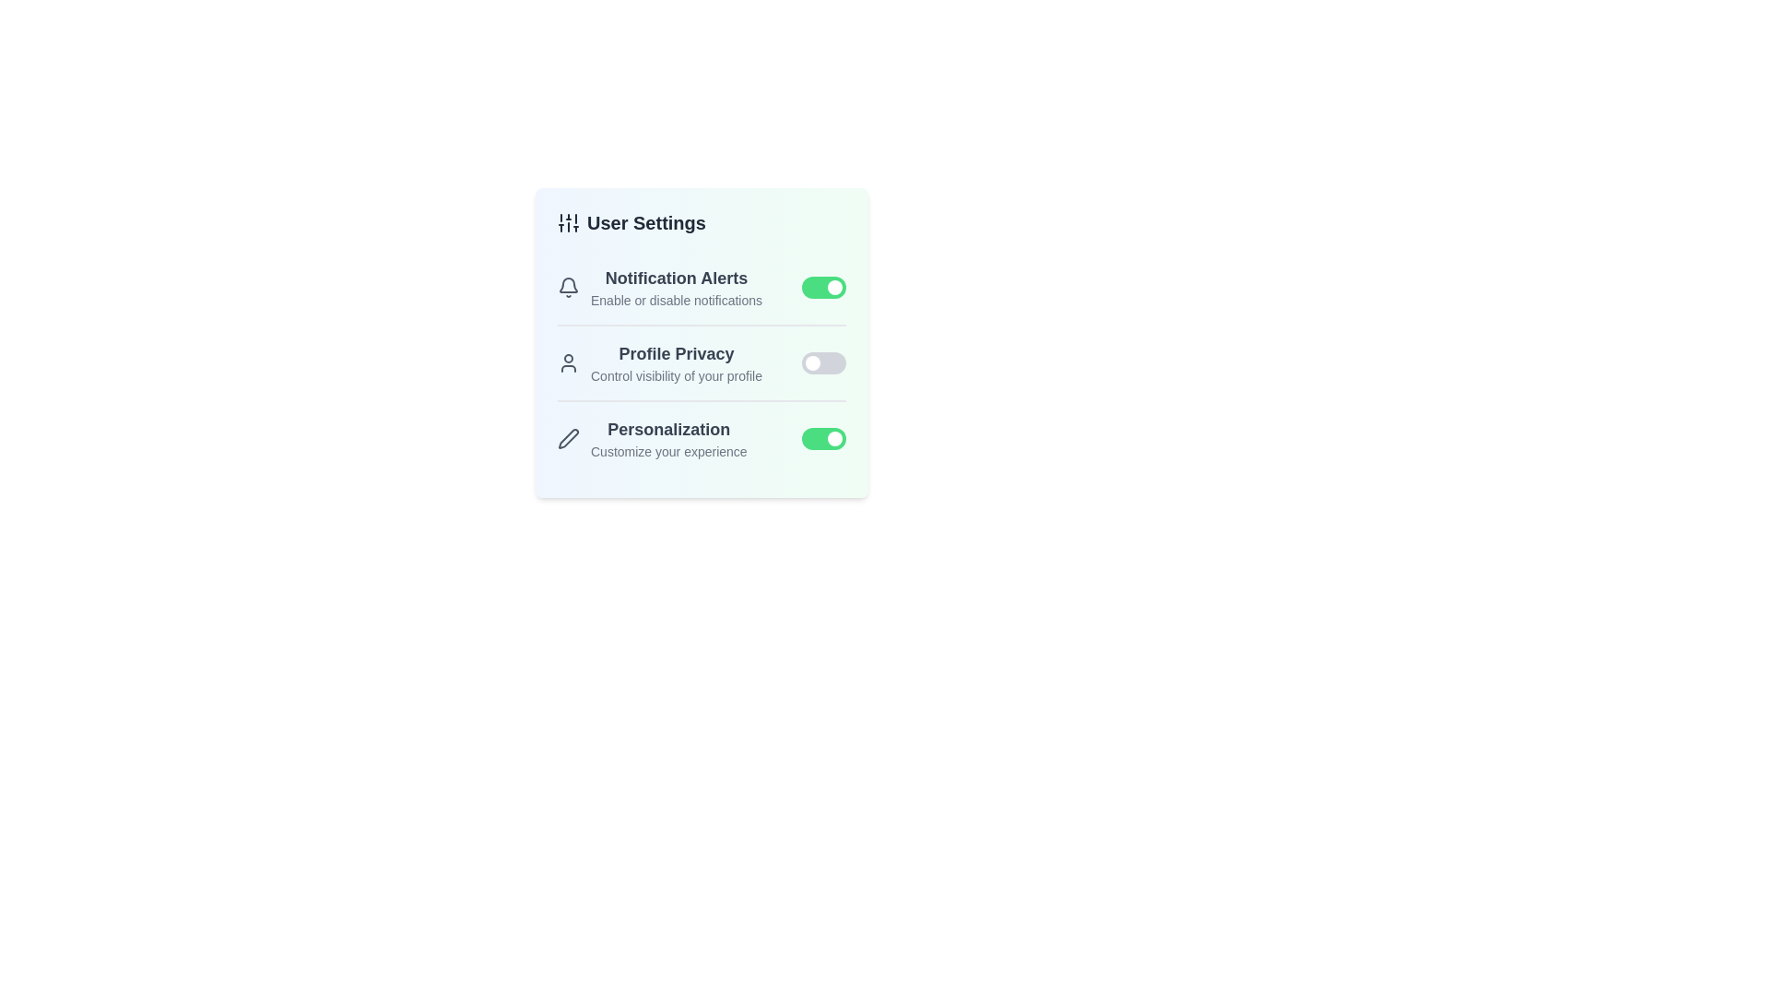 This screenshot has width=1770, height=996. I want to click on the setting icon to display additional context, so click(568, 222).